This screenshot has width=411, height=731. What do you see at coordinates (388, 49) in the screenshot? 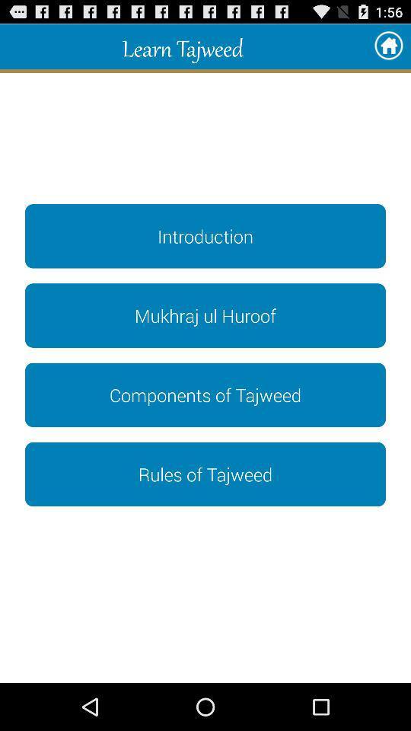
I see `the home icon` at bounding box center [388, 49].